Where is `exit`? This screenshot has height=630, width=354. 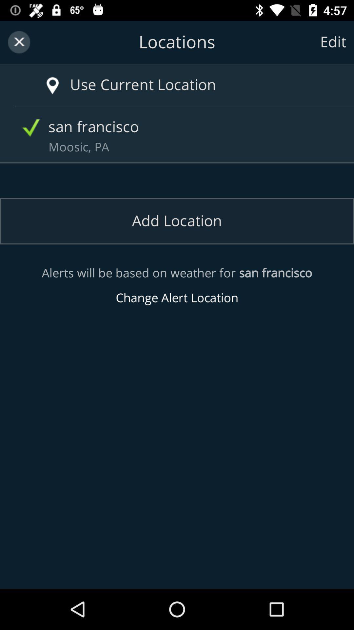 exit is located at coordinates (19, 42).